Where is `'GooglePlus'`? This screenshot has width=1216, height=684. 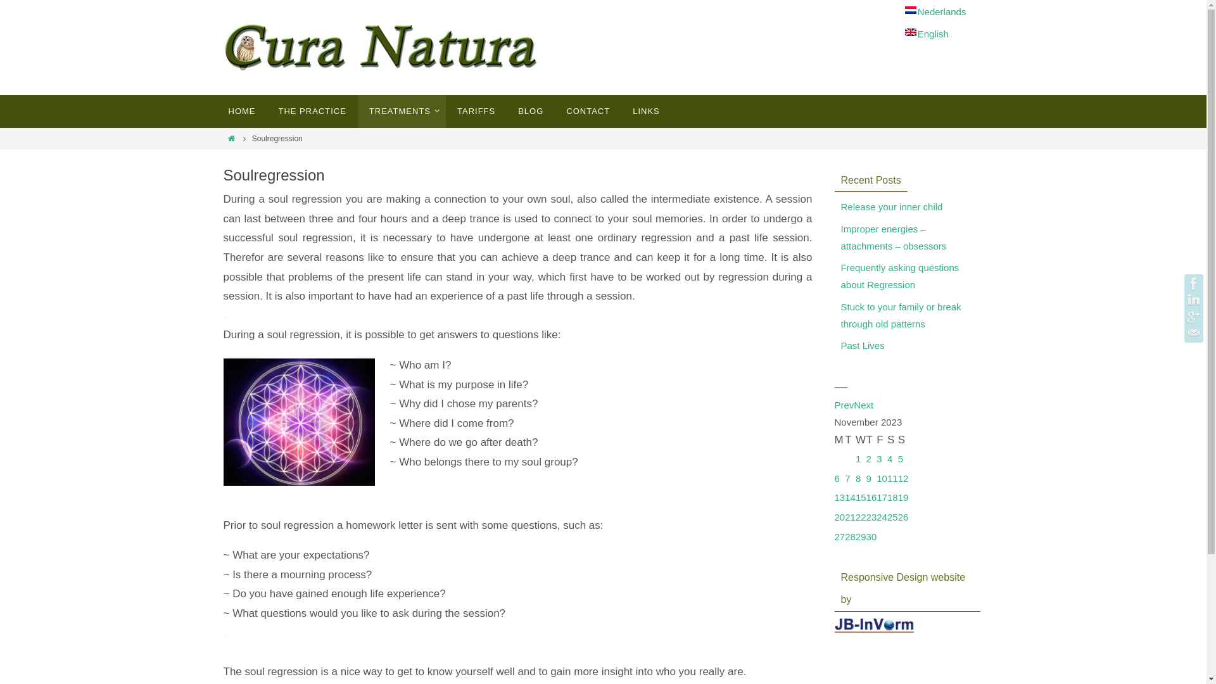
'GooglePlus' is located at coordinates (1193, 316).